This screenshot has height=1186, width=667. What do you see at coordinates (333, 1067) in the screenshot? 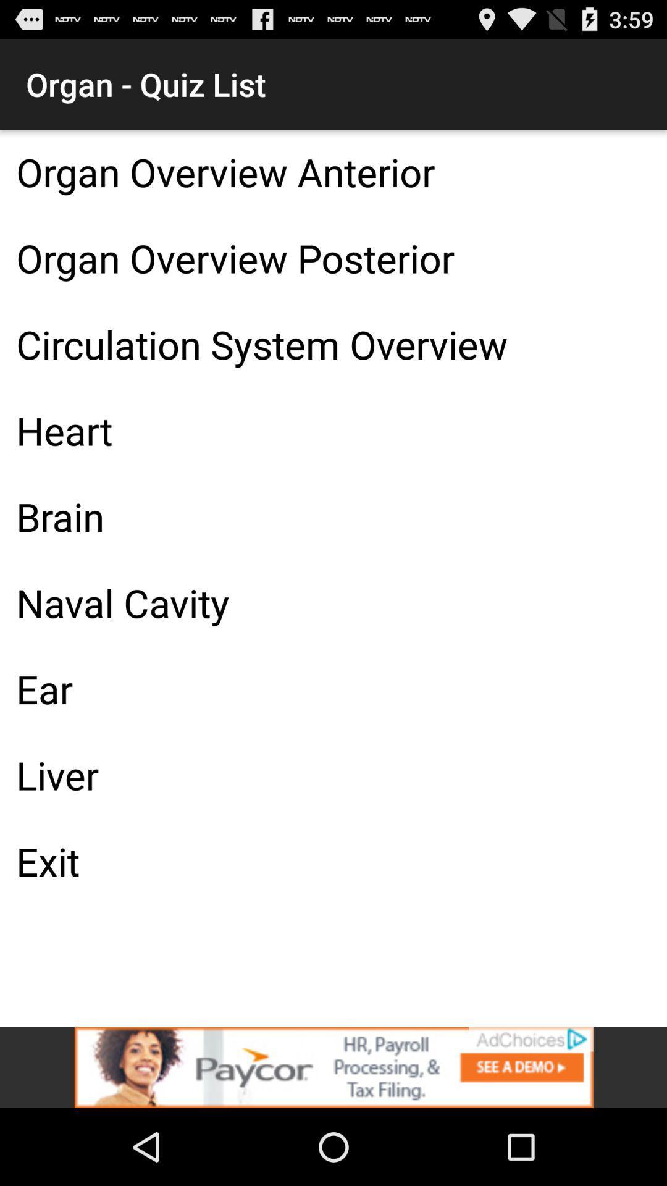
I see `to go speakev` at bounding box center [333, 1067].